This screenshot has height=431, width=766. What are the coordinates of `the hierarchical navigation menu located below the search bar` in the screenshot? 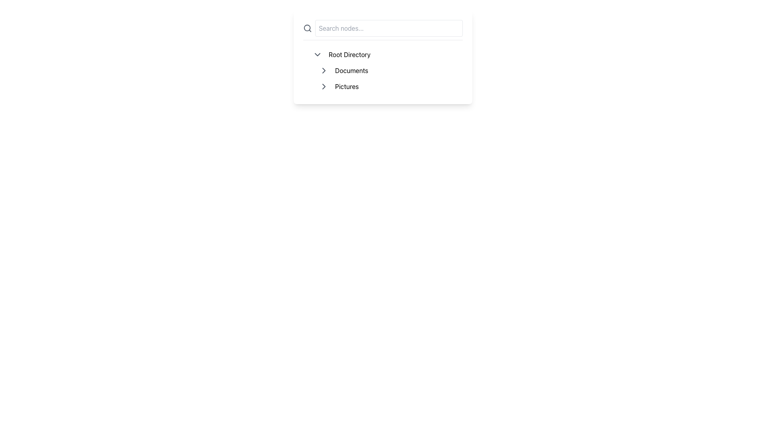 It's located at (383, 70).